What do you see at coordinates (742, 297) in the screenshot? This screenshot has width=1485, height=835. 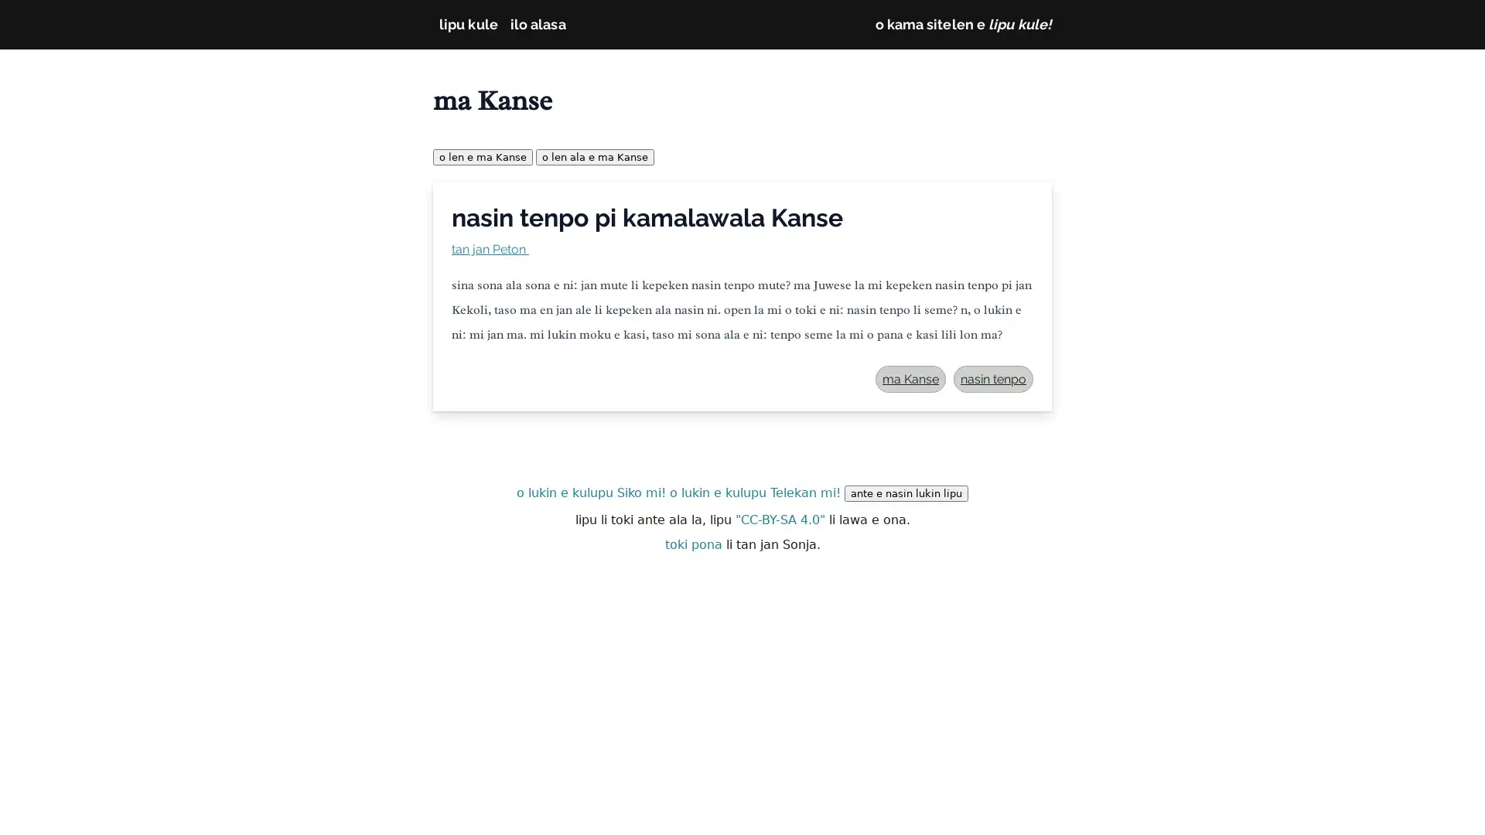 I see `nasin tenpo pi kamalawala Kanse tan jan Peton  sina sona ala sona e ni: jan mute li kepeken nasin tenpo mute? ma Juwese la mi kepeken nasin tenpo pi jan Kekoli, taso ma en jan ale li kepeken ala nasin ni. open la mi o toki e ni: nasin tenpo li seme? n, o lukin e ni: mi jan ma. mi lukin moku e kasi, taso mi sona ala e ni: tenpo seme la mi o pana e kasi lili lon ma? ma Kanse nasin tenpo` at bounding box center [742, 297].